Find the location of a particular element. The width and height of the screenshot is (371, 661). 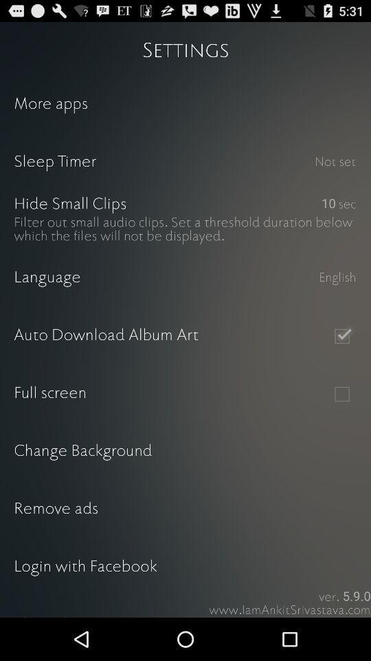

share the app is located at coordinates (185, 606).